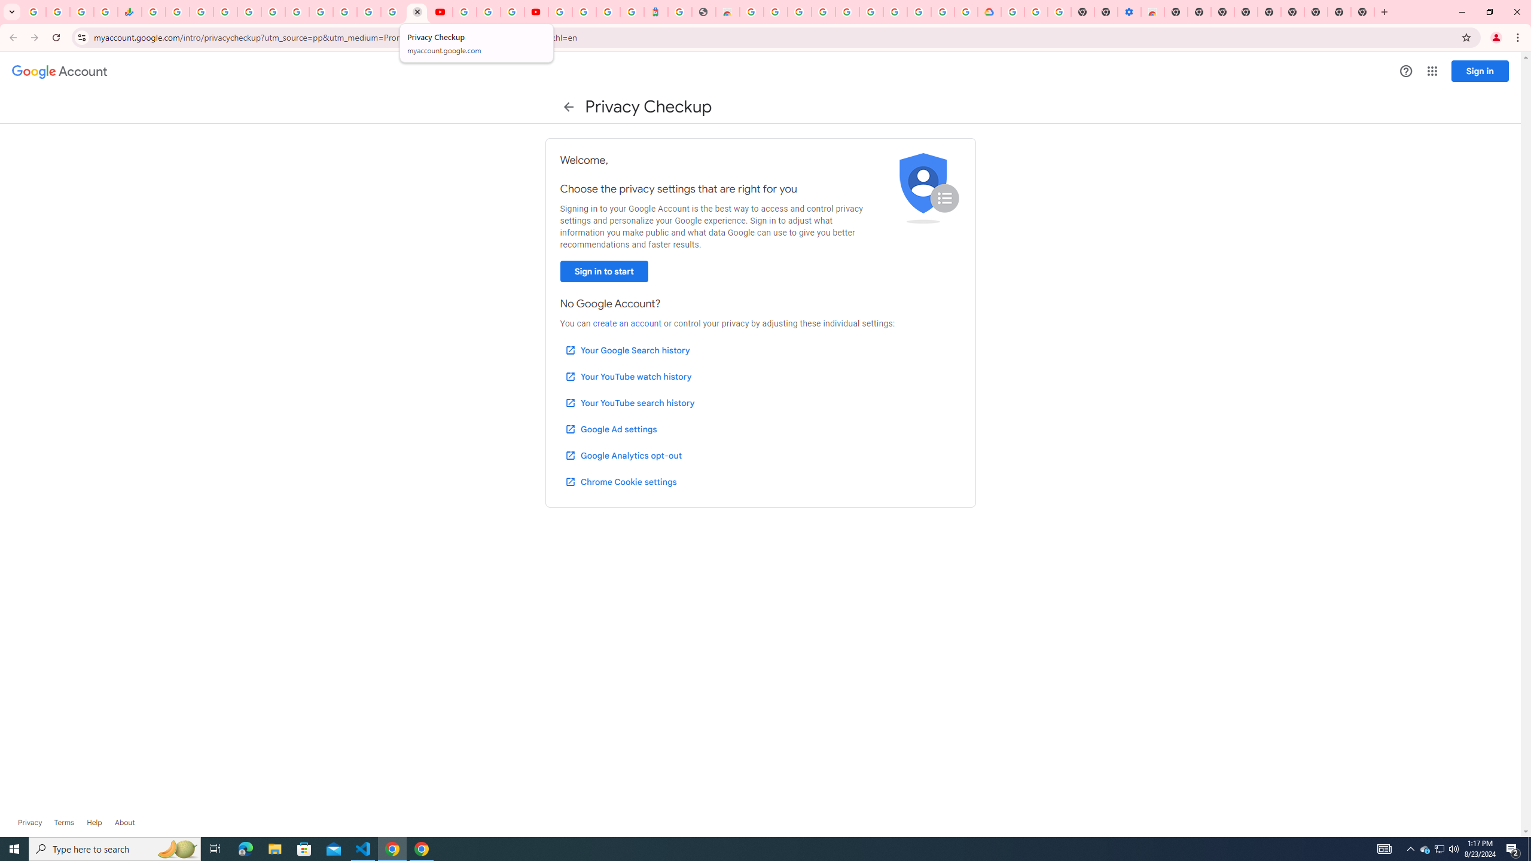  I want to click on 'Sign in - Google Accounts', so click(392, 11).